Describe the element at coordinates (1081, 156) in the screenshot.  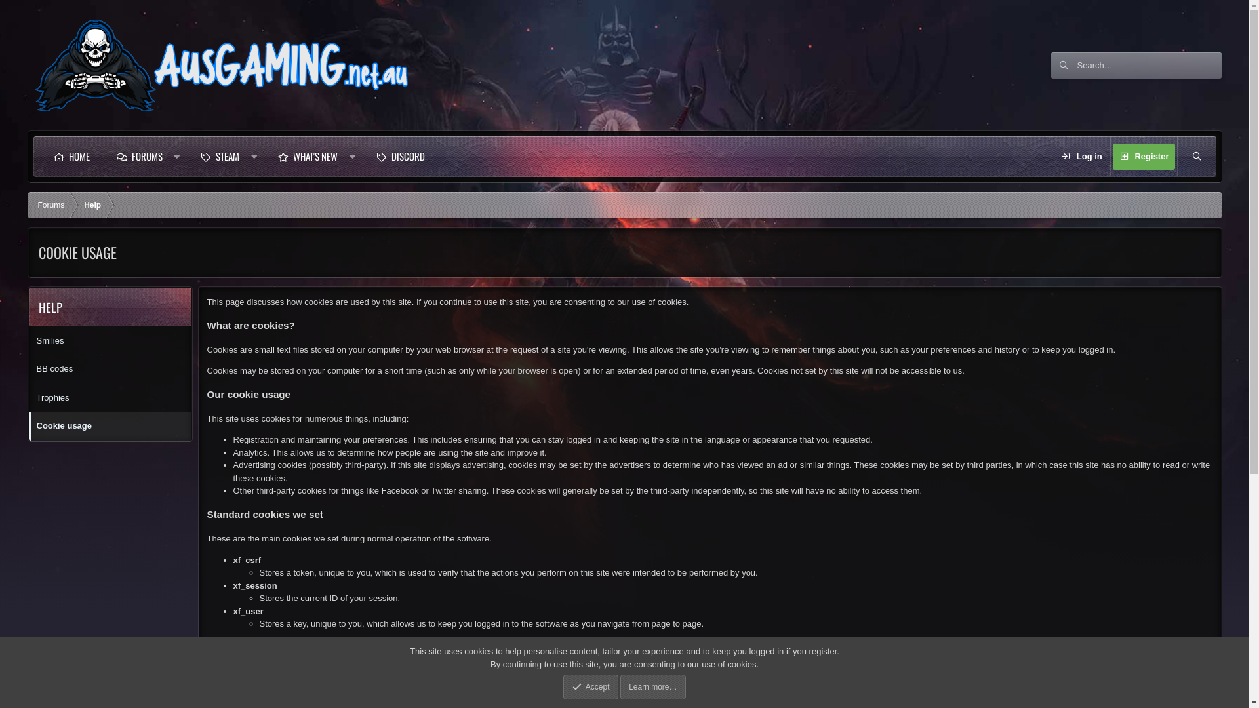
I see `'Log in'` at that location.